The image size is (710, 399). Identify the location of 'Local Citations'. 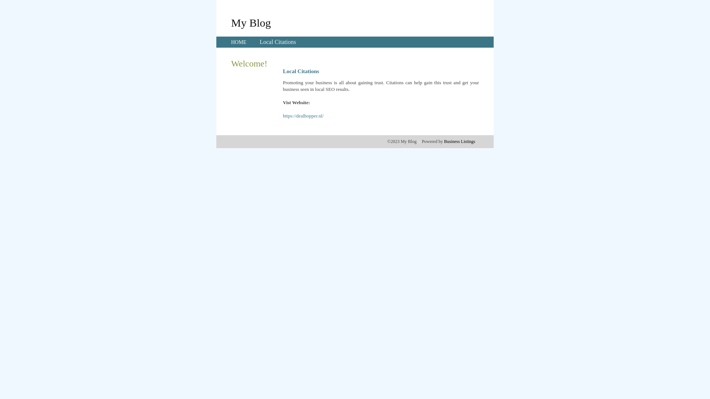
(277, 42).